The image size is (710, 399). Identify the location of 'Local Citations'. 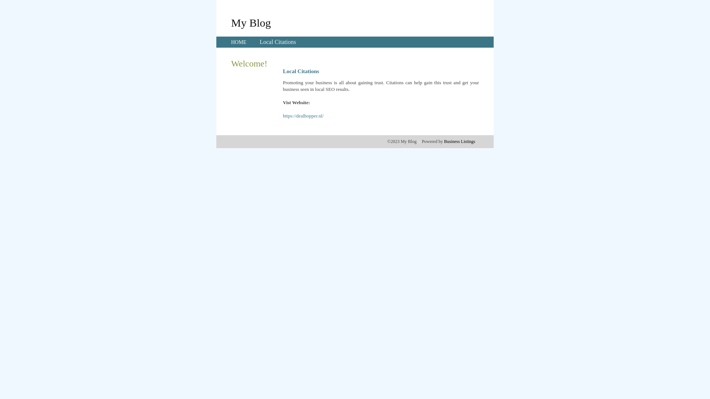
(277, 42).